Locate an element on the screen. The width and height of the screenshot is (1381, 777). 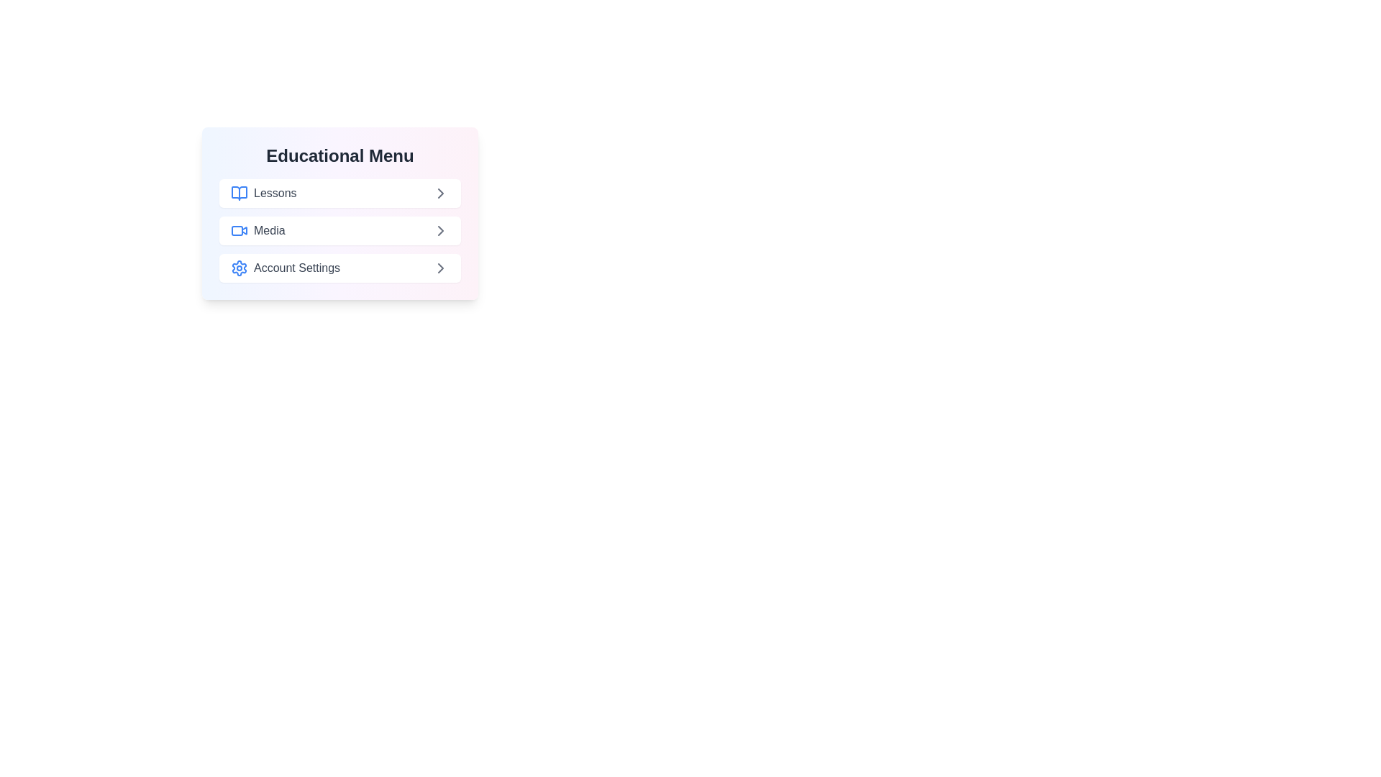
the blue gear icon located within the 'Account Settings' option of the menu, which is part of the 'Educational Menu' card is located at coordinates (239, 268).